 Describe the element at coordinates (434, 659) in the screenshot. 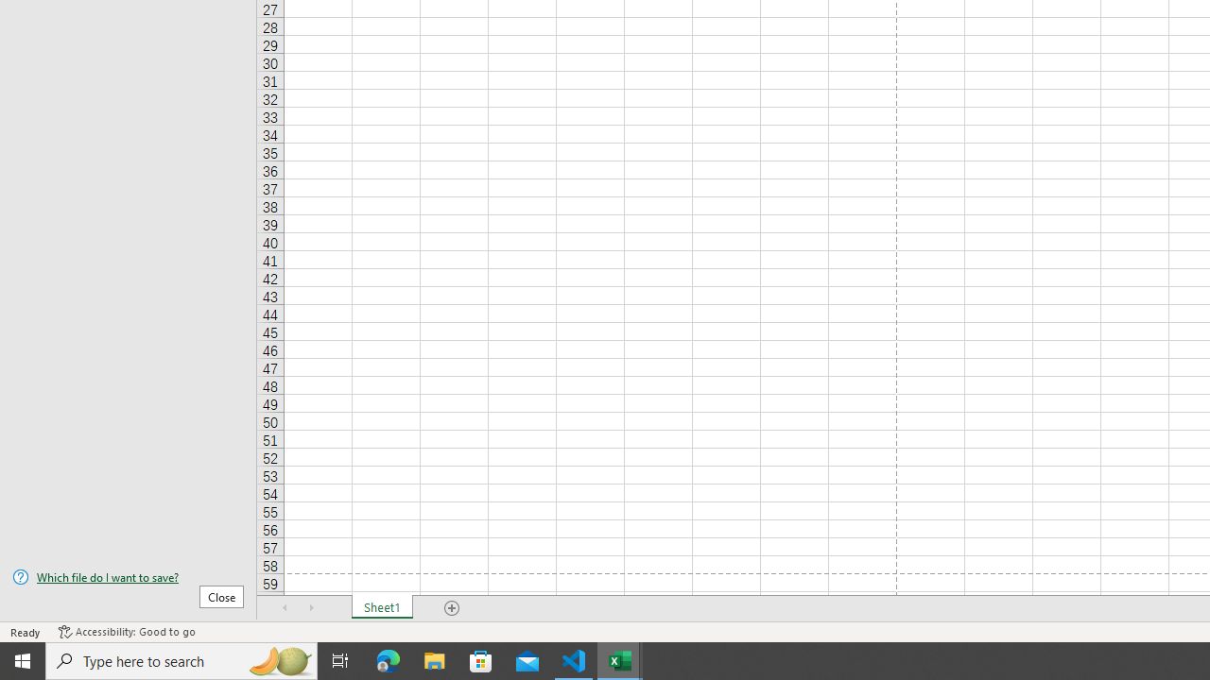

I see `'File Explorer'` at that location.